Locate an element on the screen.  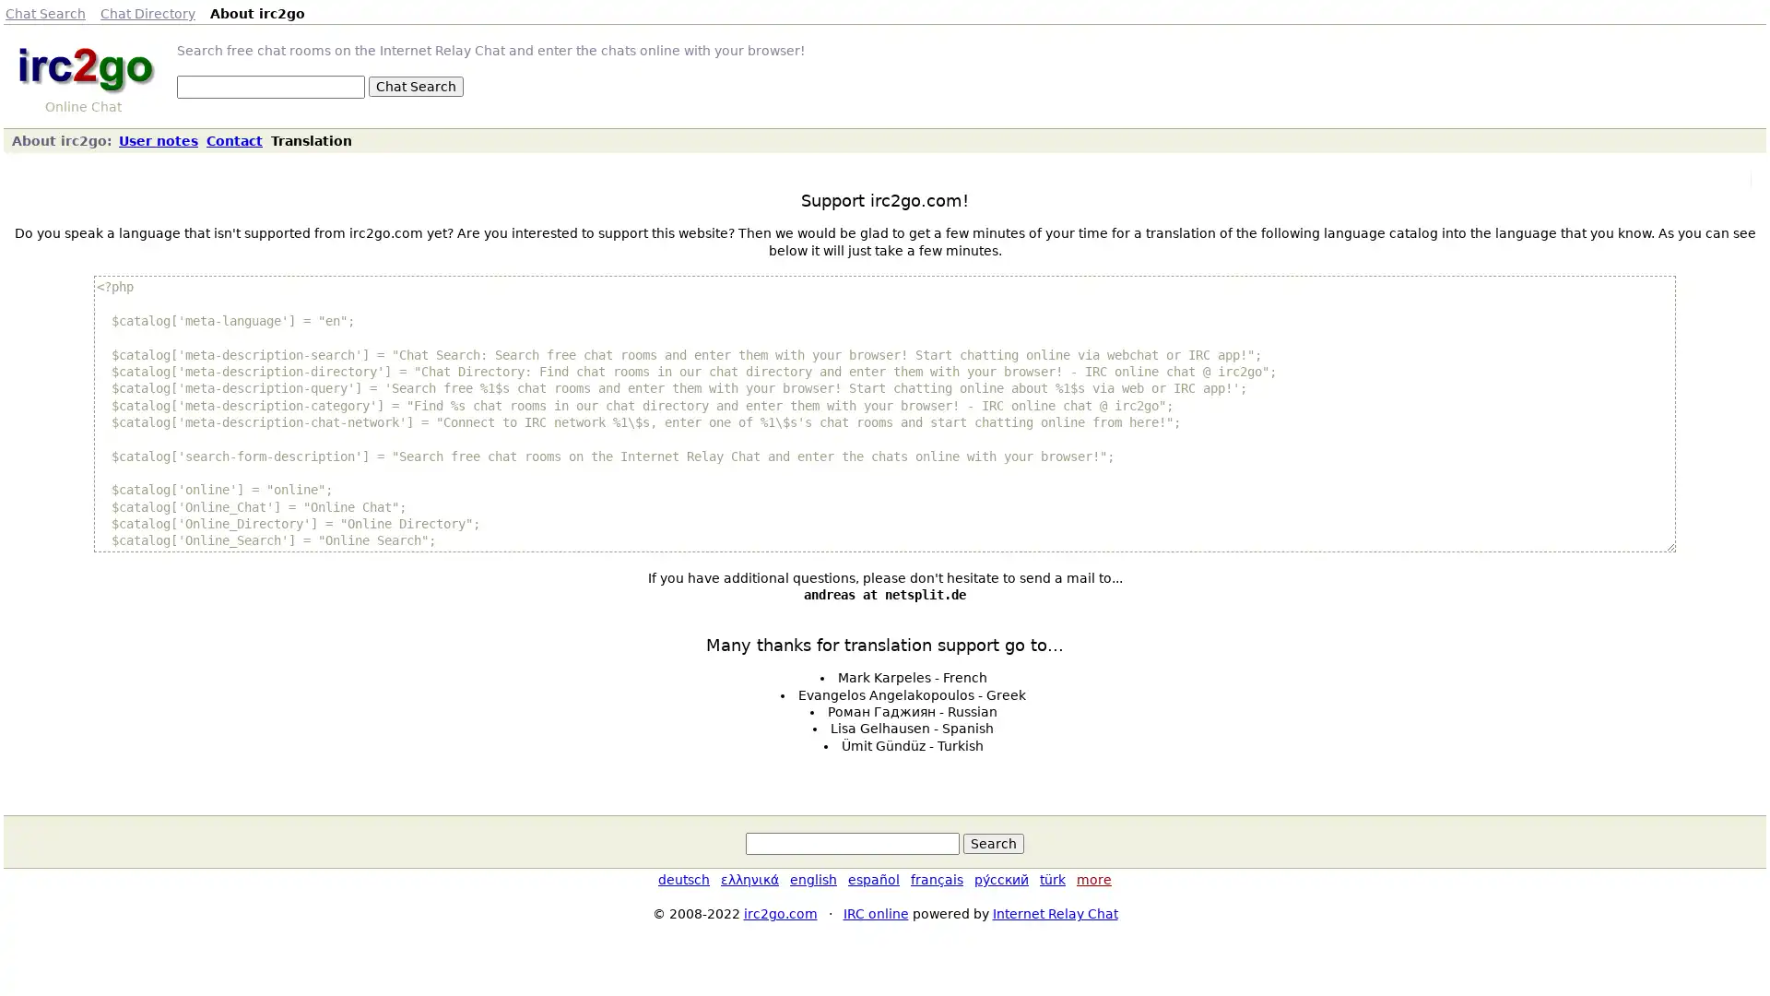
Chat Search is located at coordinates (415, 86).